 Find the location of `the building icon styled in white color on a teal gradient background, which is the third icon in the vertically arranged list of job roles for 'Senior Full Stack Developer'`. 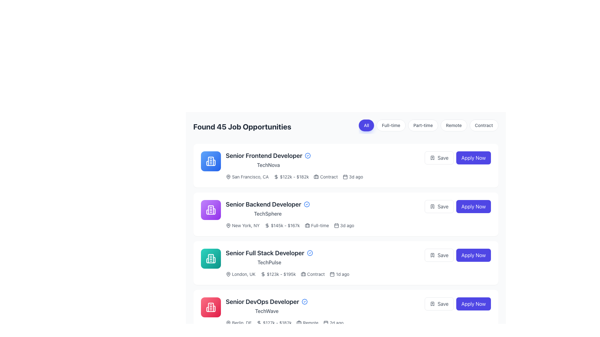

the building icon styled in white color on a teal gradient background, which is the third icon in the vertically arranged list of job roles for 'Senior Full Stack Developer' is located at coordinates (211, 259).